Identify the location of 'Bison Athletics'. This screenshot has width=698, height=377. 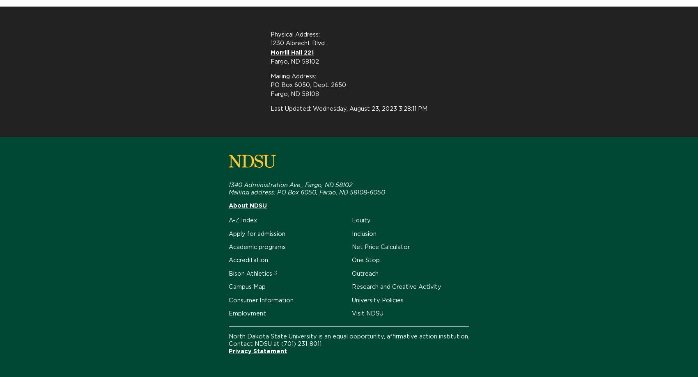
(250, 272).